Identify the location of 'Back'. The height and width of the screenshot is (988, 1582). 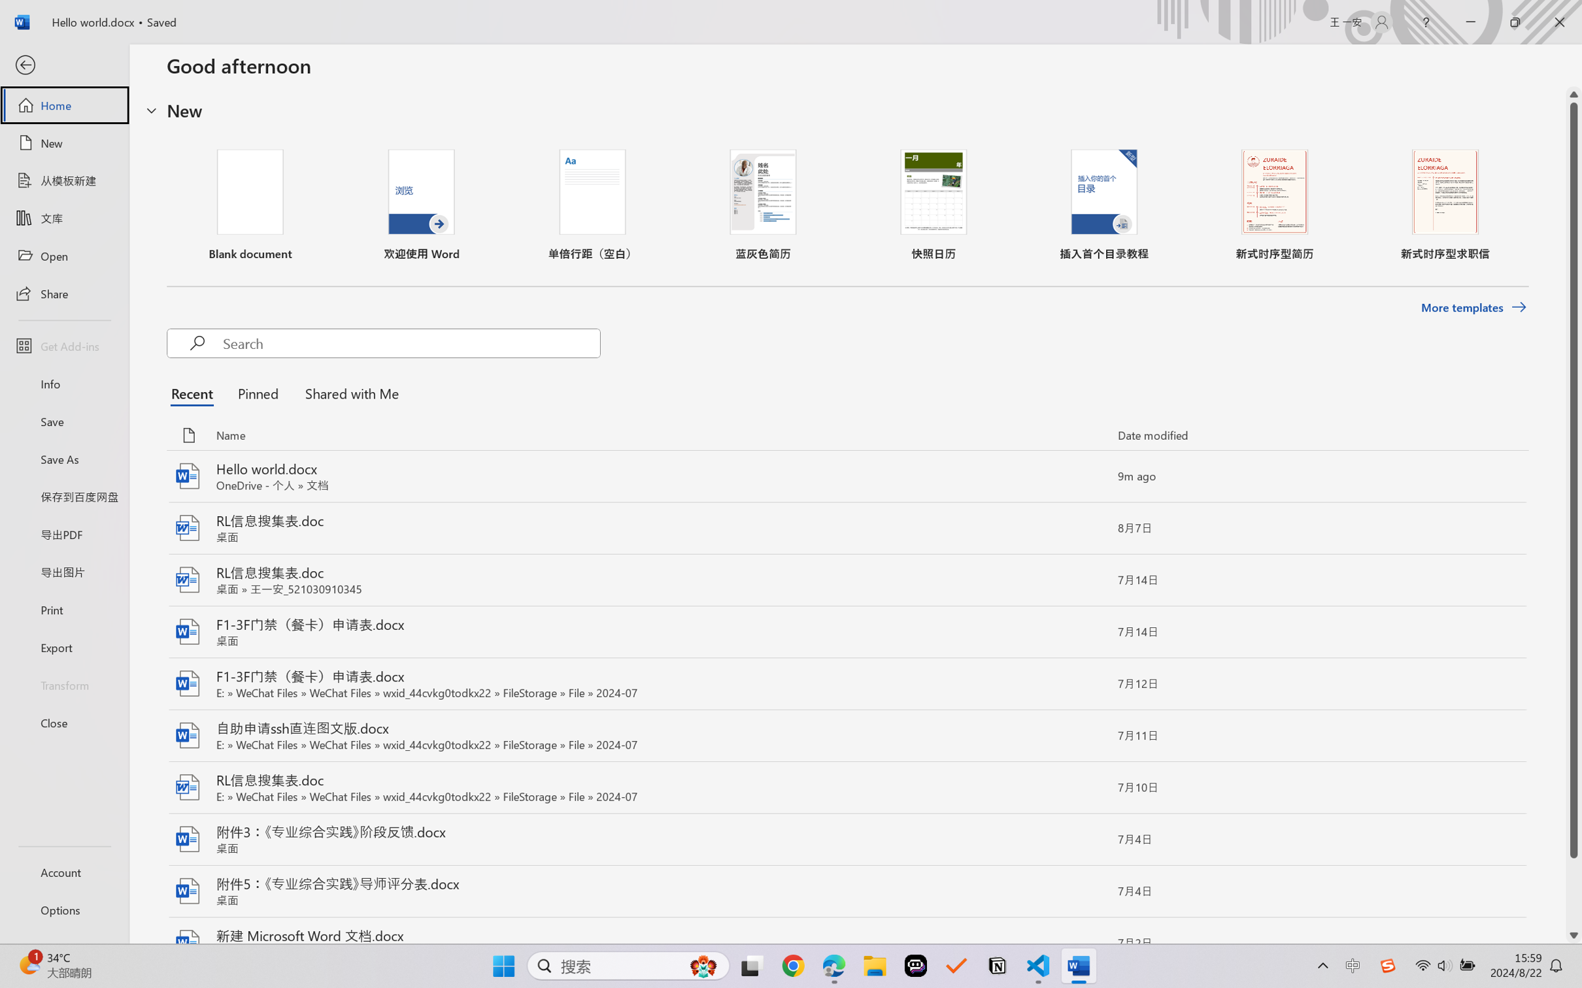
(63, 65).